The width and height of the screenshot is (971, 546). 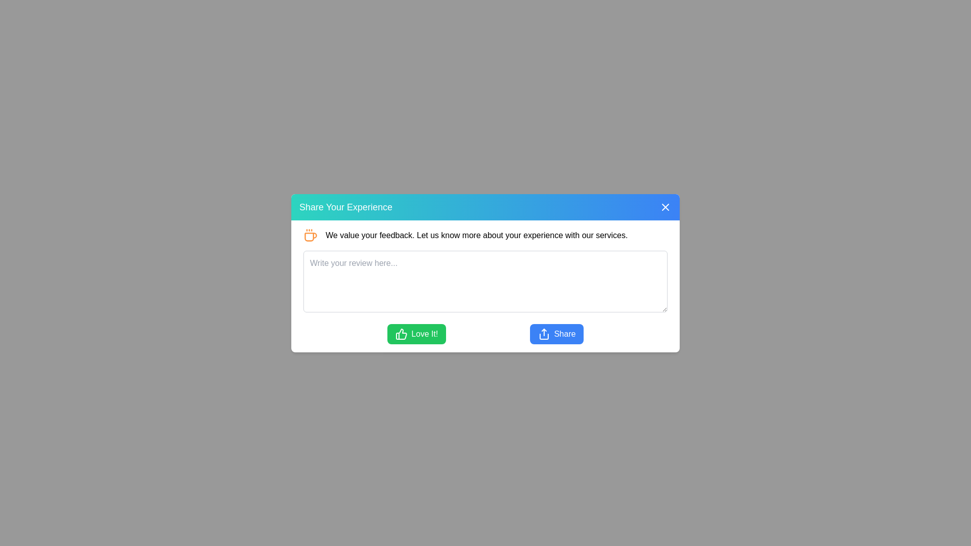 I want to click on the sharing button located in the lower-right corner of the dialog box, so click(x=556, y=334).